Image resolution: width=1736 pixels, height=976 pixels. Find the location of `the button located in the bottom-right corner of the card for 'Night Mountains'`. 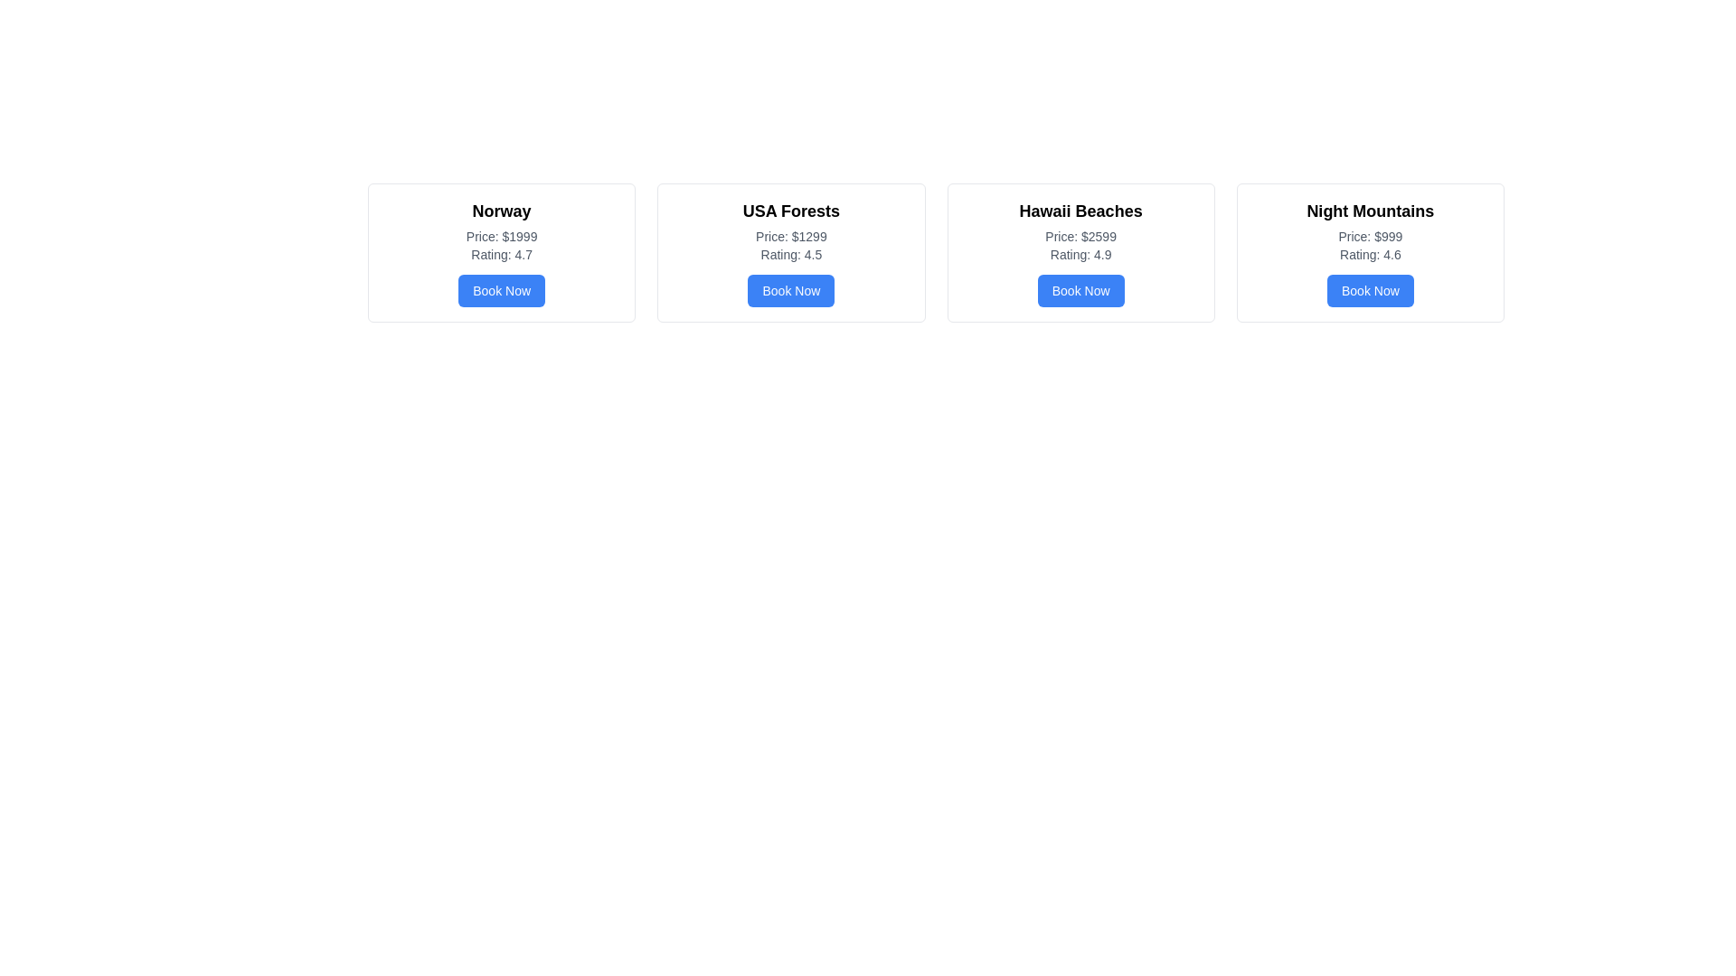

the button located in the bottom-right corner of the card for 'Night Mountains' is located at coordinates (1370, 289).